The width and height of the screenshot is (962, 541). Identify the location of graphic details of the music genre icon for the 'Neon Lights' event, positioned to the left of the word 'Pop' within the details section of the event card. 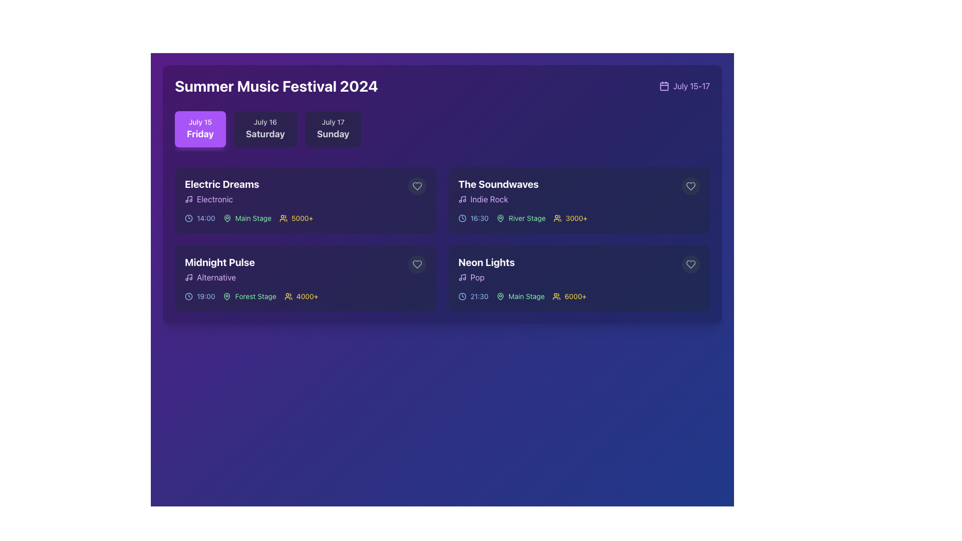
(461, 278).